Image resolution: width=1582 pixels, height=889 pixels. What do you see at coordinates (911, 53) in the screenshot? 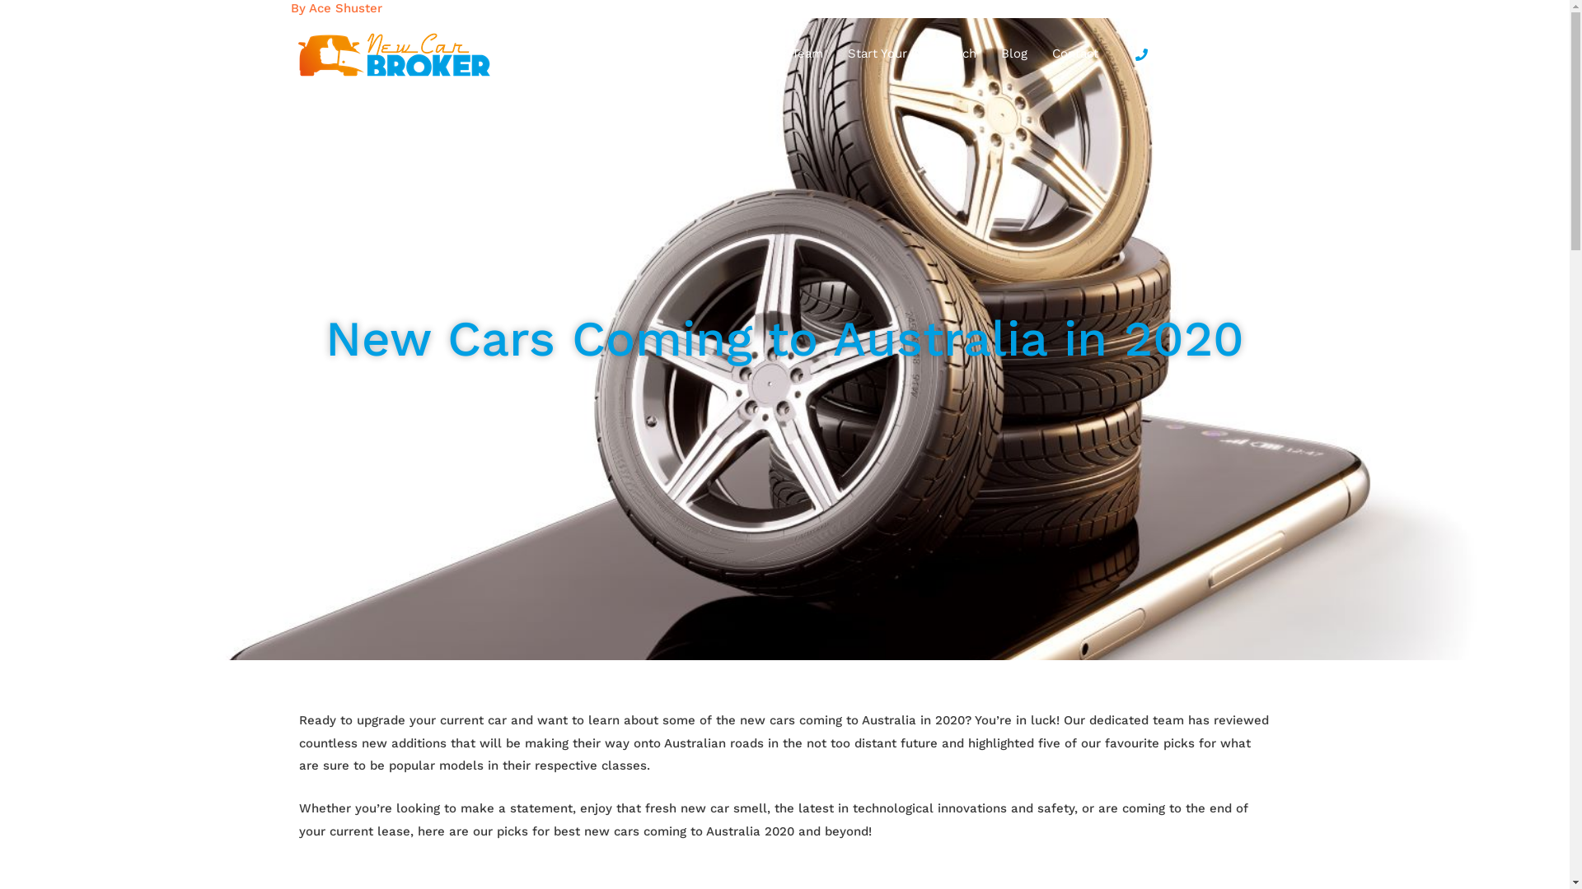
I see `'Start Your Car Search'` at bounding box center [911, 53].